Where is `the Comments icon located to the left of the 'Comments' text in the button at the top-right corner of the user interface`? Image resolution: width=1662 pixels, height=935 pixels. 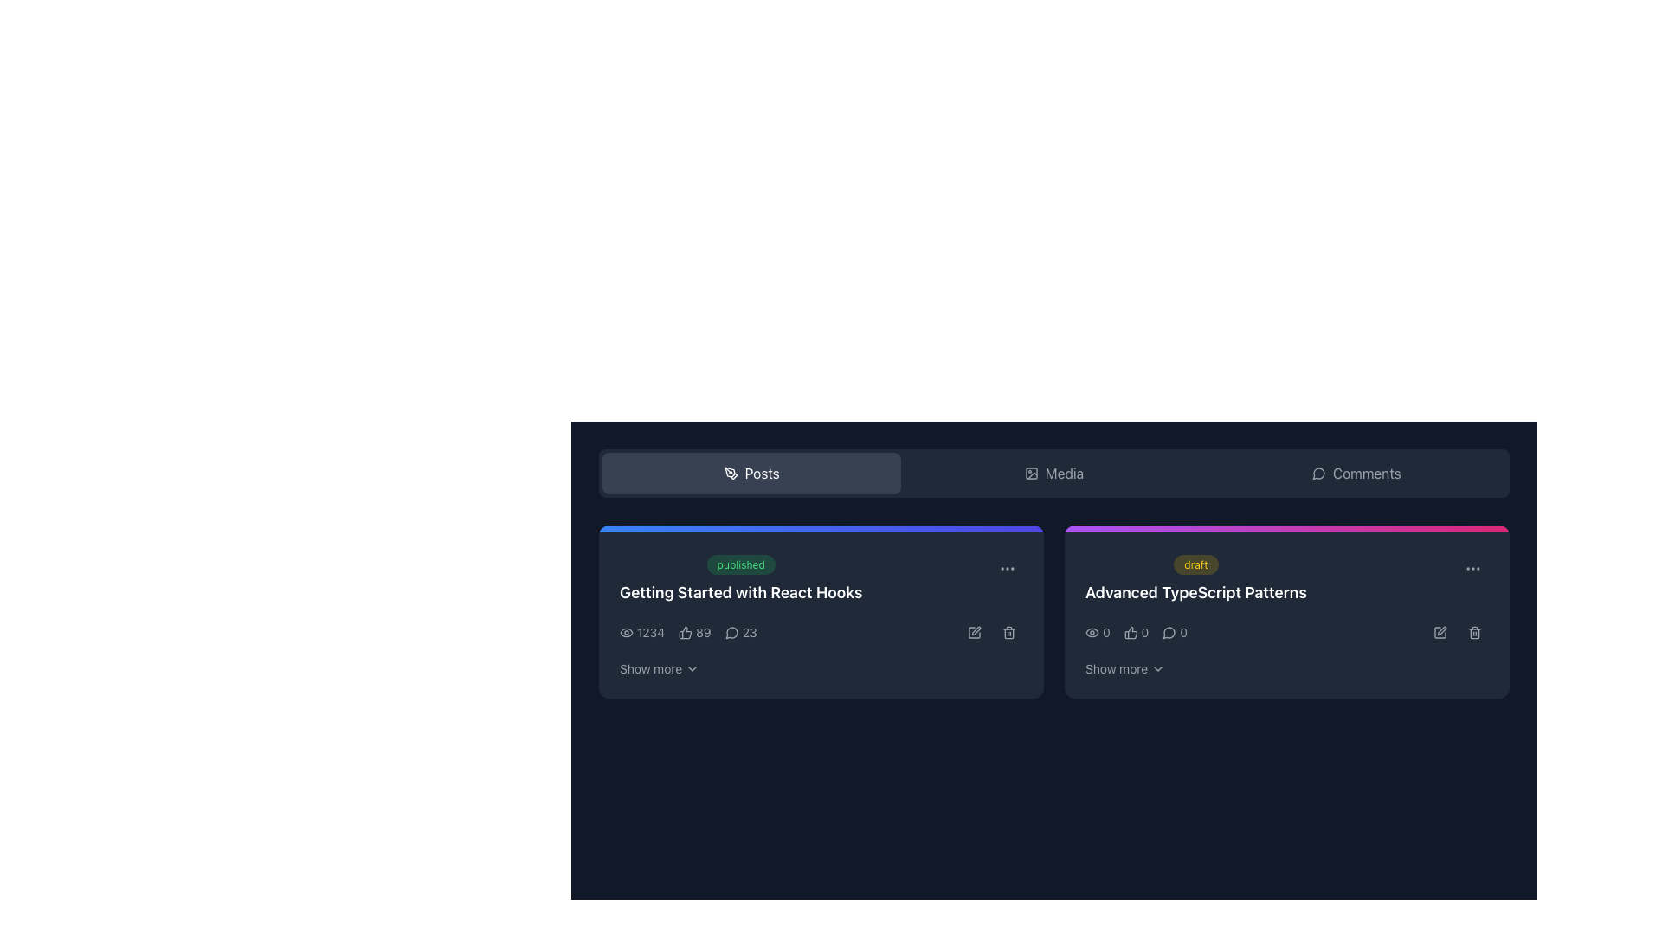 the Comments icon located to the left of the 'Comments' text in the button at the top-right corner of the user interface is located at coordinates (1317, 474).